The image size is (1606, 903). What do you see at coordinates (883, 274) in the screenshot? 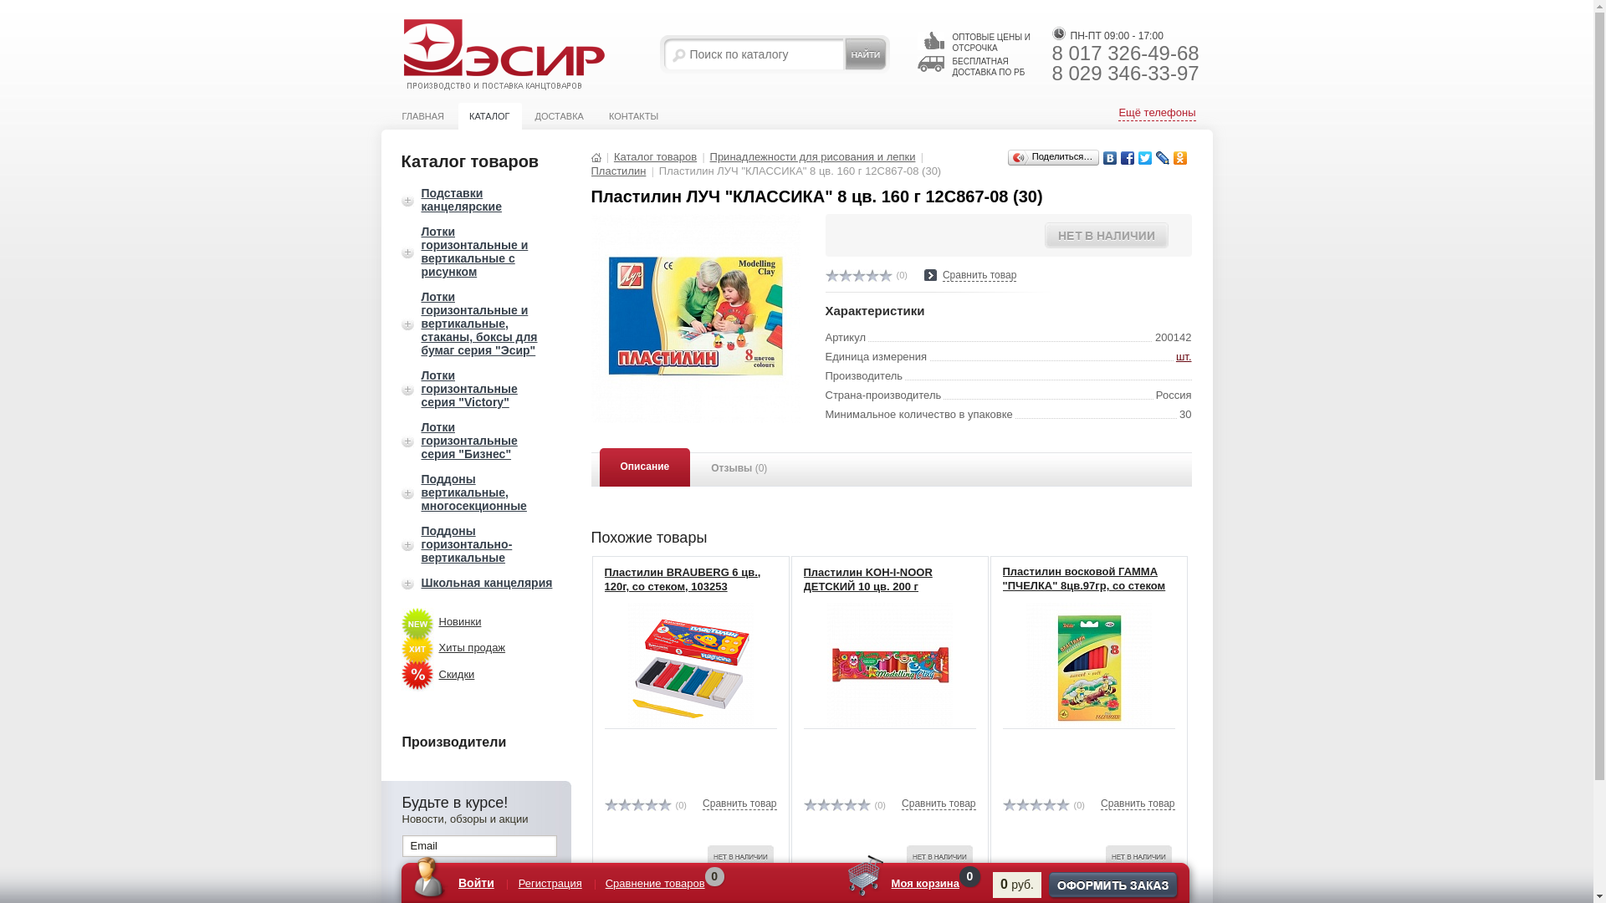
I see `'5'` at bounding box center [883, 274].